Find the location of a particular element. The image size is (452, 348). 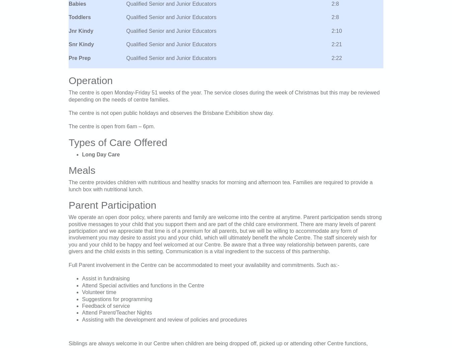

'Snr Kindy' is located at coordinates (81, 44).